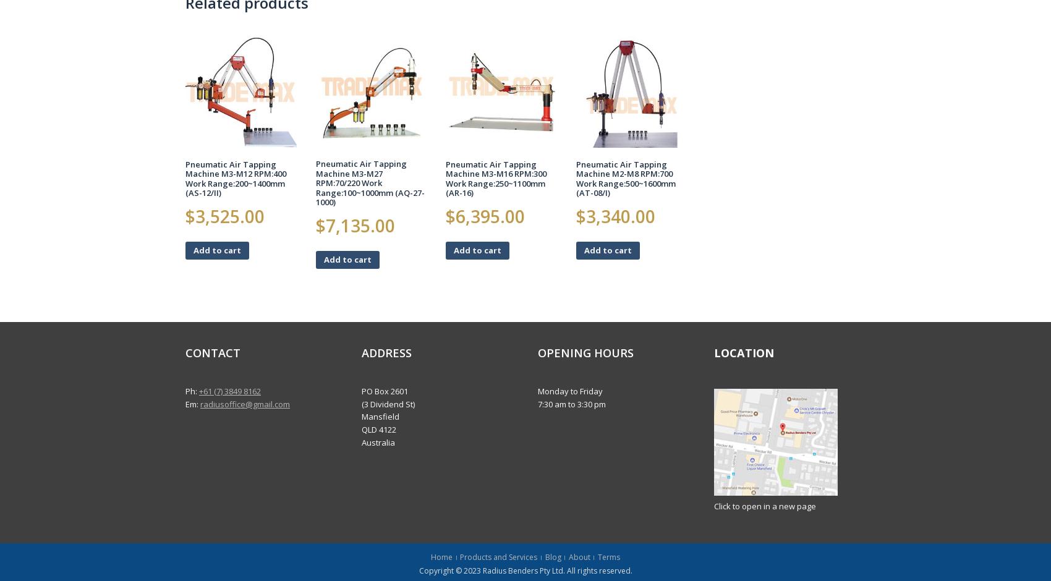 Image resolution: width=1051 pixels, height=581 pixels. I want to click on 'Home', so click(441, 557).